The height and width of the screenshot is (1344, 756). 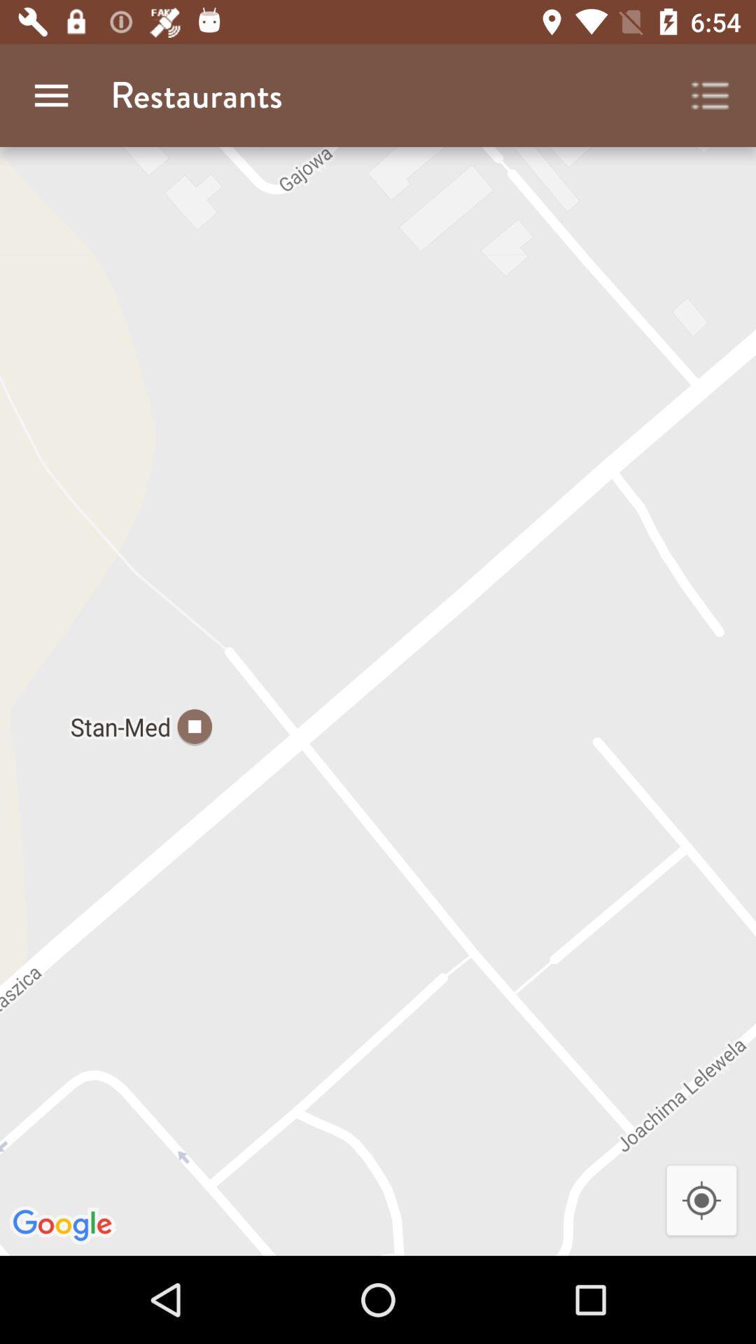 What do you see at coordinates (701, 1200) in the screenshot?
I see `icon at the bottom right corner` at bounding box center [701, 1200].